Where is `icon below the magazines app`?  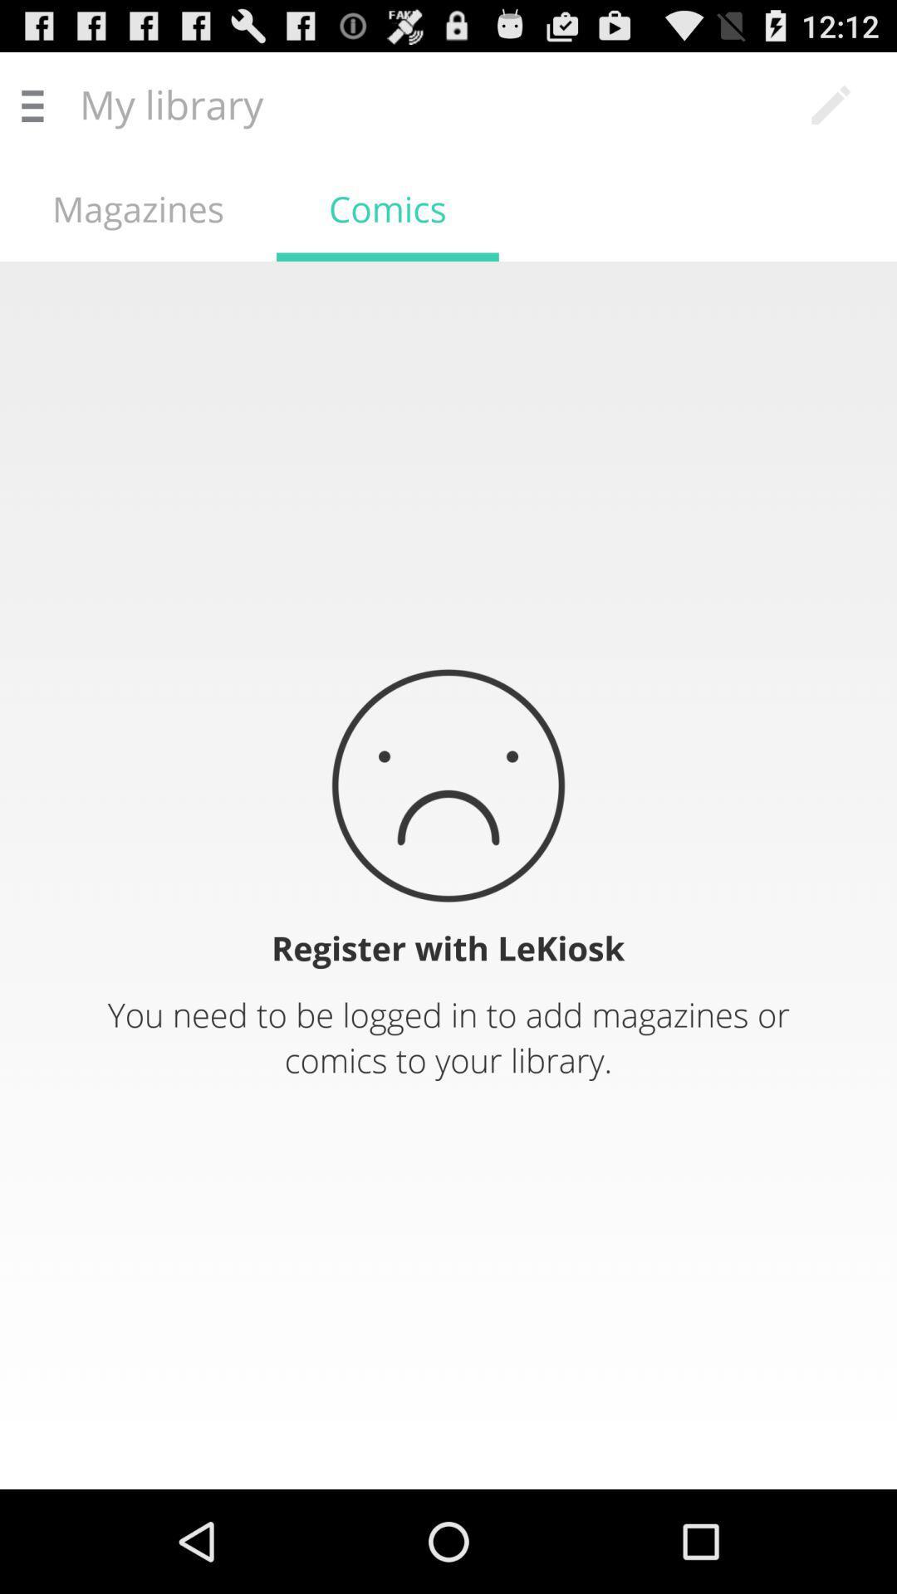
icon below the magazines app is located at coordinates (448, 874).